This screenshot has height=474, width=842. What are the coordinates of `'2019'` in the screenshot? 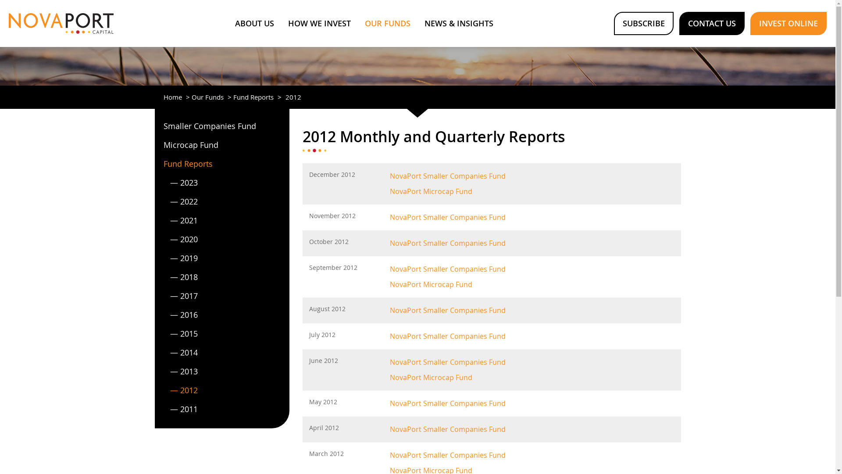 It's located at (221, 255).